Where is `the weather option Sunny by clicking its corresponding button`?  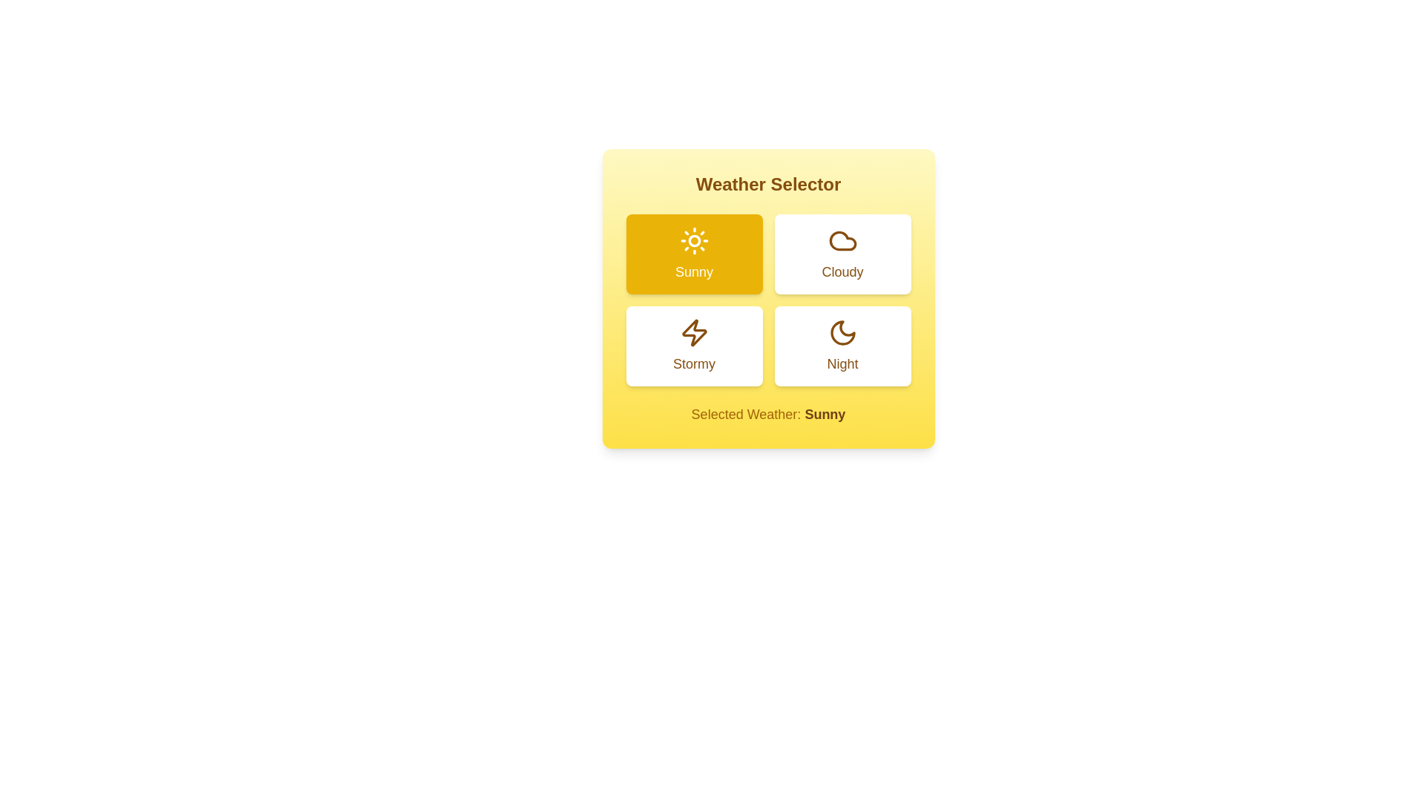
the weather option Sunny by clicking its corresponding button is located at coordinates (693, 254).